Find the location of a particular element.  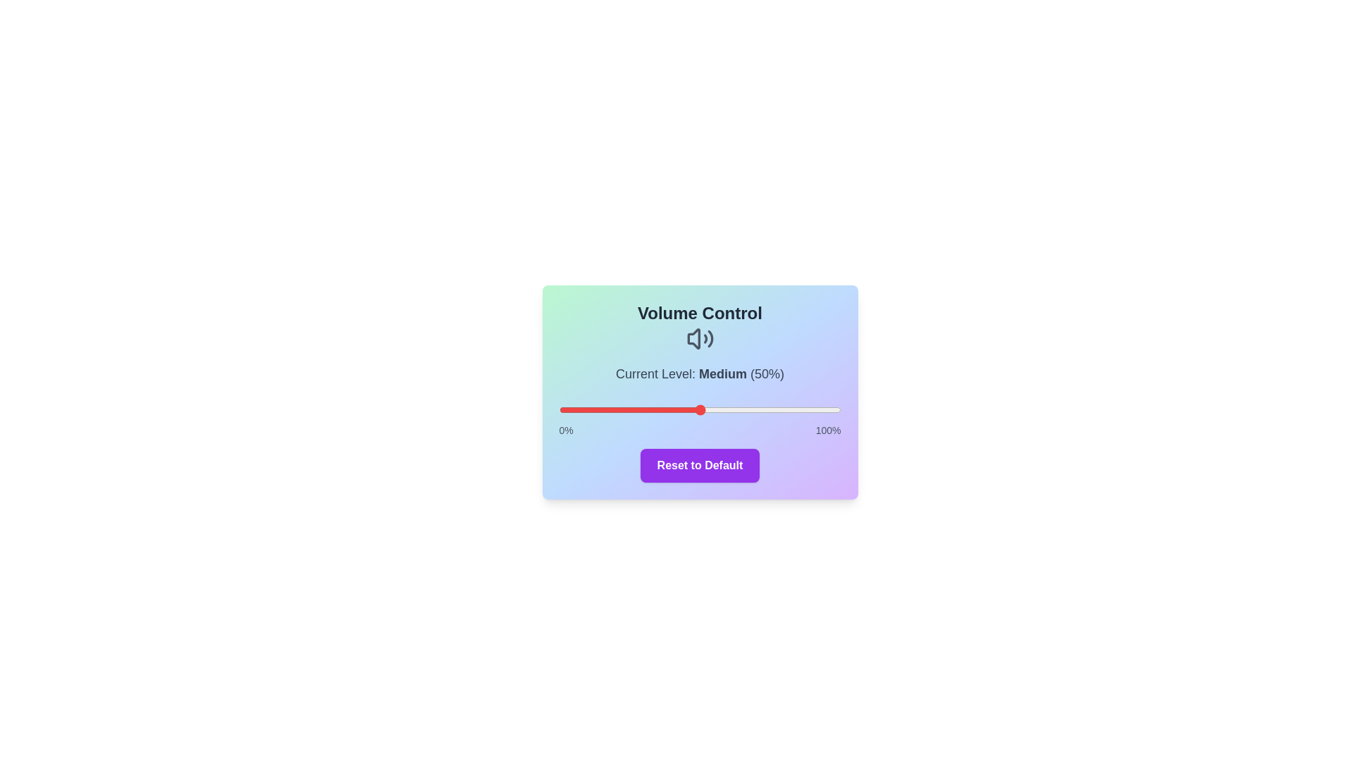

the volume to 65% by dragging the slider is located at coordinates (741, 410).